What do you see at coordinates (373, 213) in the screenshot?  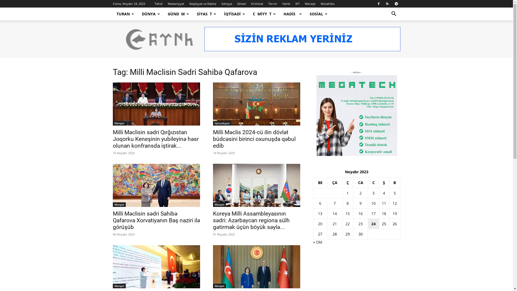 I see `'17'` at bounding box center [373, 213].